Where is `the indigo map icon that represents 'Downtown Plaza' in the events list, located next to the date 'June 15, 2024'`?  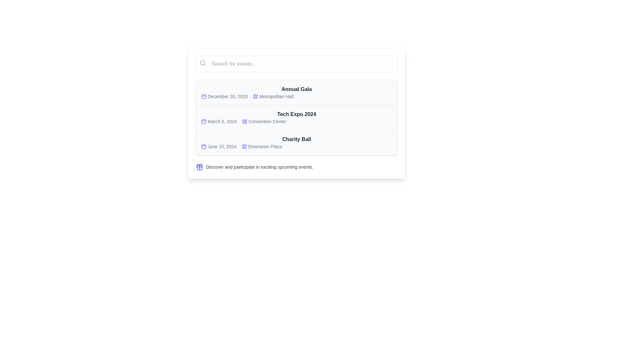 the indigo map icon that represents 'Downtown Plaza' in the events list, located next to the date 'June 15, 2024' is located at coordinates (244, 147).